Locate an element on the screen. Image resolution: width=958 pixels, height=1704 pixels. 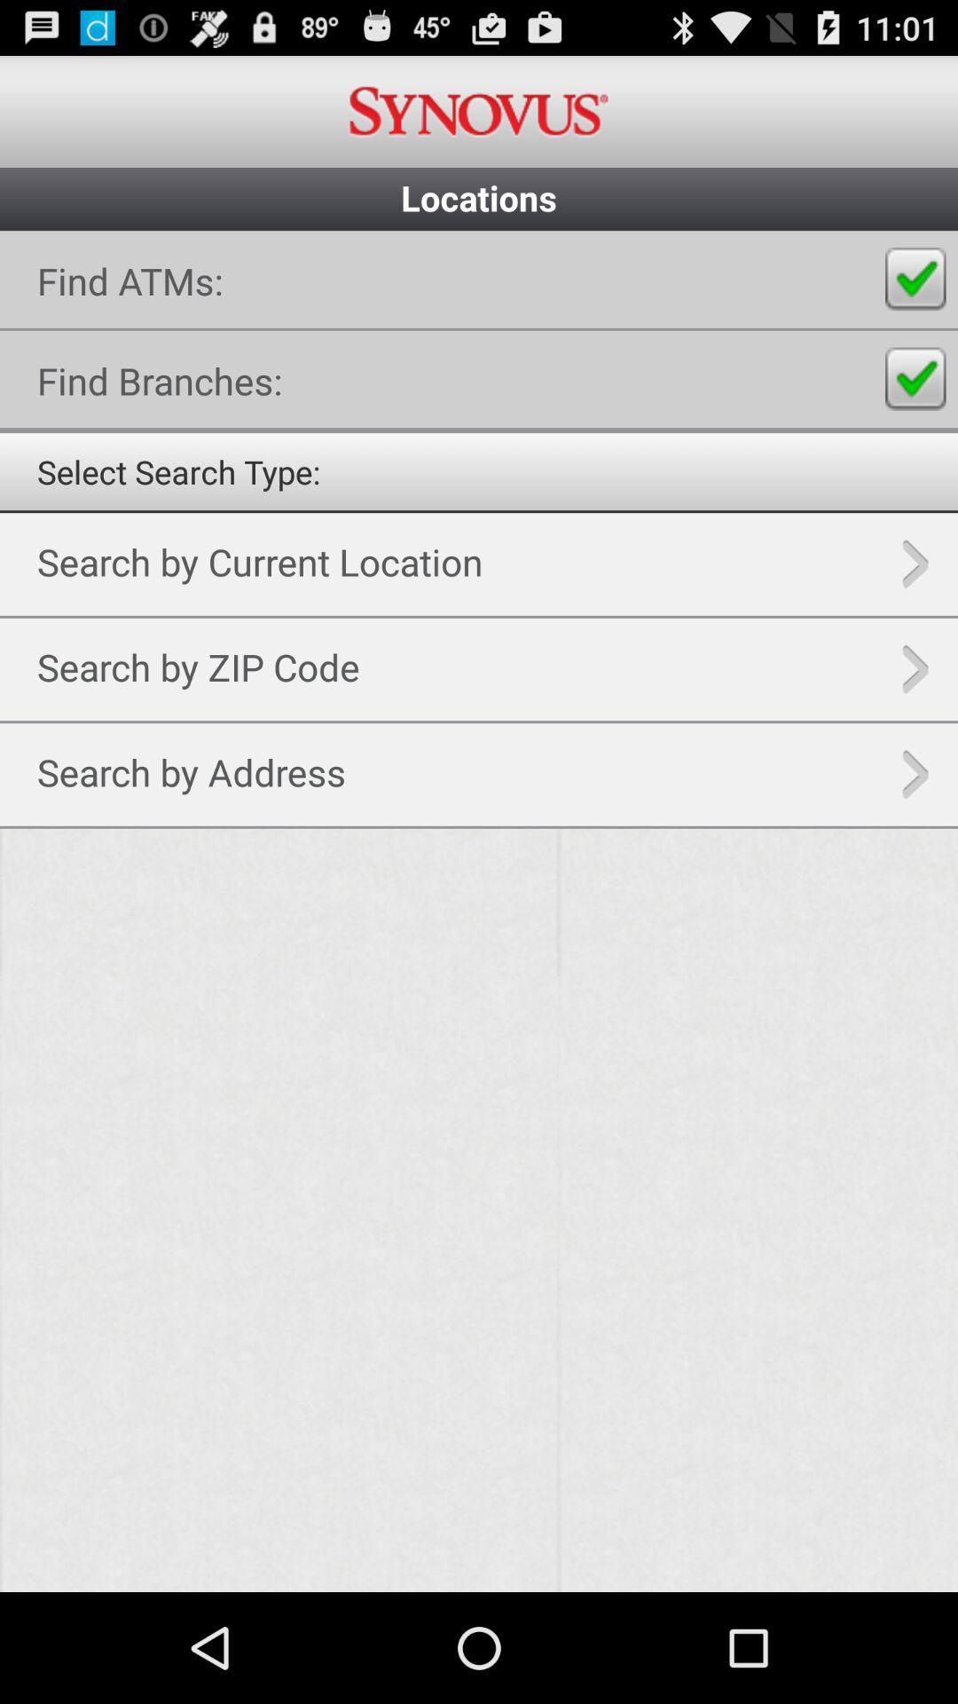
the icon next to the find branches: app is located at coordinates (915, 378).